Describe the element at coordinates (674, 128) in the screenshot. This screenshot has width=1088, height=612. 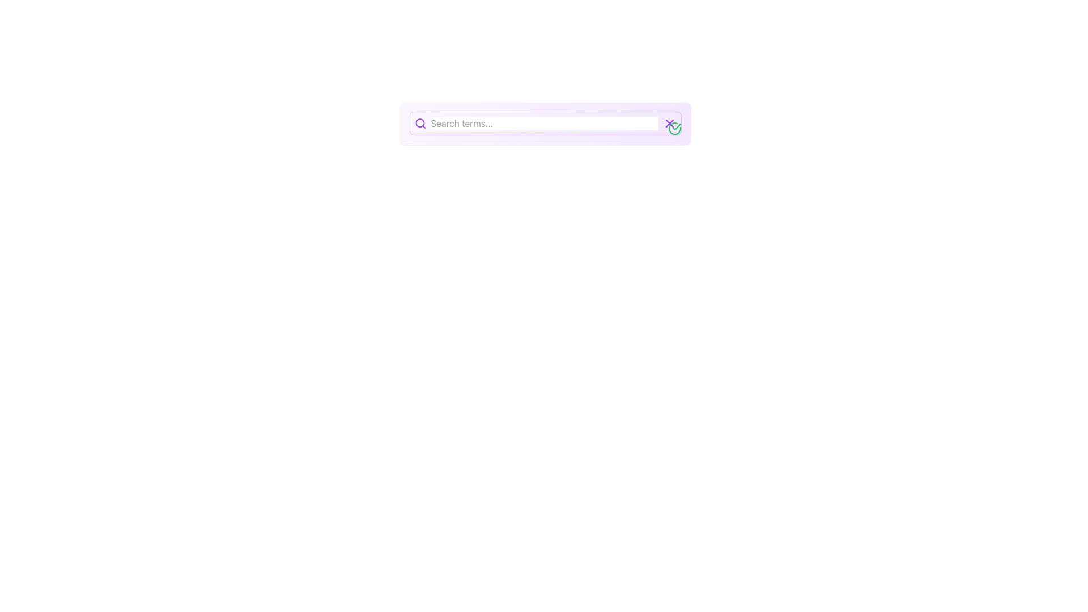
I see `the validation icon located at the bottom-right corner of the search bar, which indicates successful completion or correctness` at that location.